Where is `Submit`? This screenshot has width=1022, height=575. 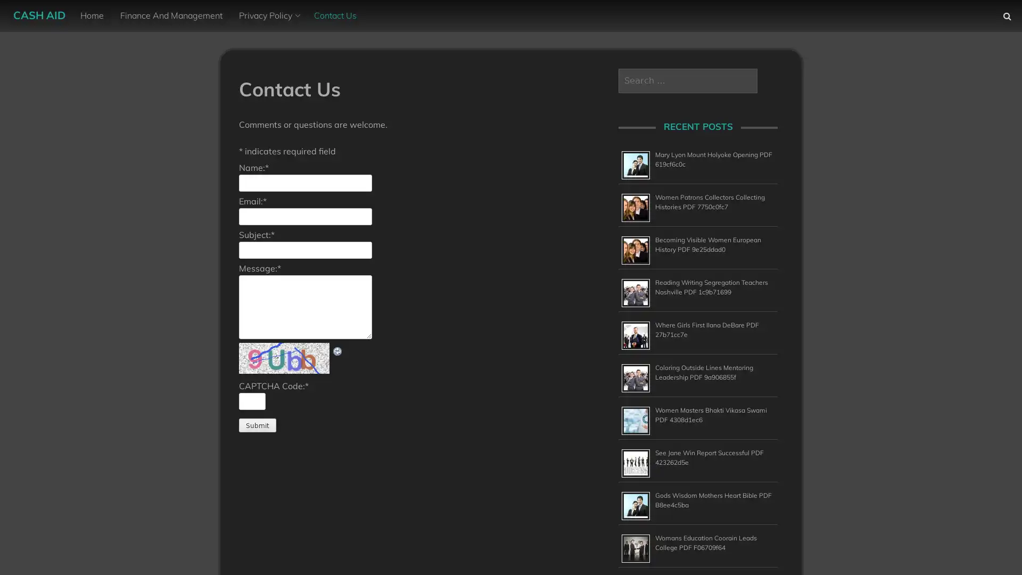
Submit is located at coordinates (258, 424).